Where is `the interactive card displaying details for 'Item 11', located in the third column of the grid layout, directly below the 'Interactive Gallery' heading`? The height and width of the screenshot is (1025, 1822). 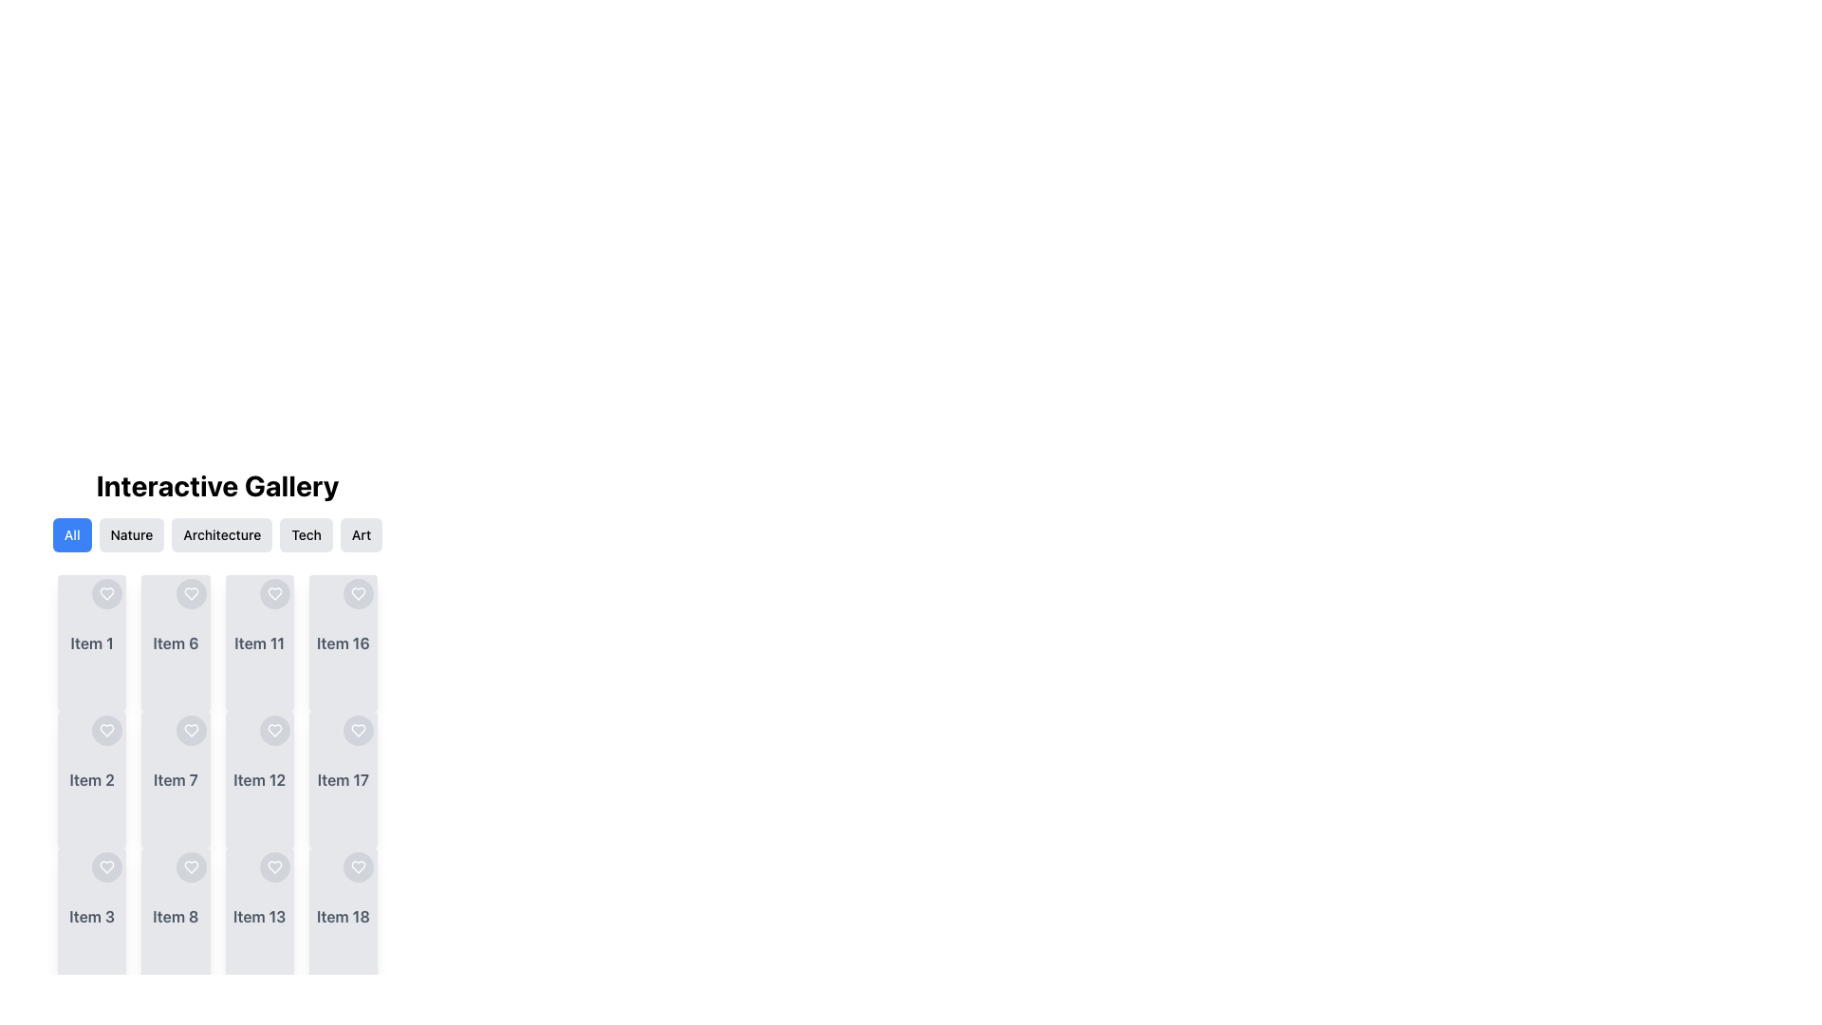
the interactive card displaying details for 'Item 11', located in the third column of the grid layout, directly below the 'Interactive Gallery' heading is located at coordinates (258, 643).